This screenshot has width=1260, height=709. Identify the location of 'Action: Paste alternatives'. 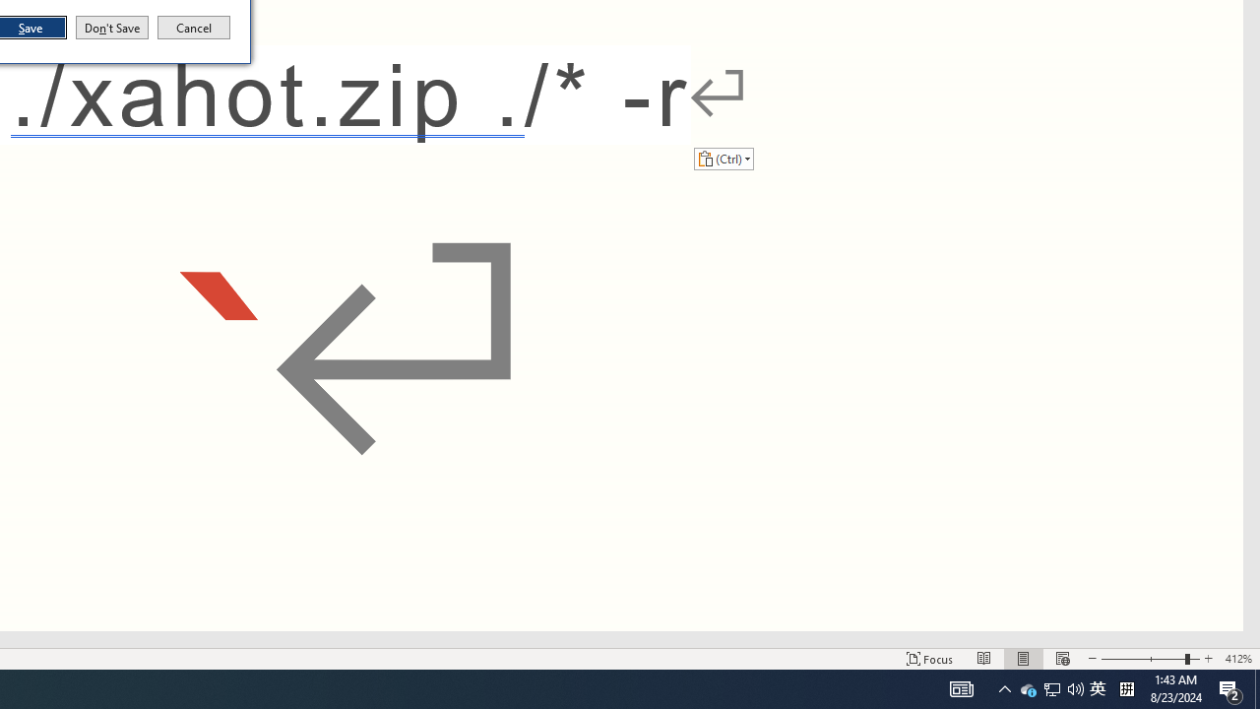
(723, 158).